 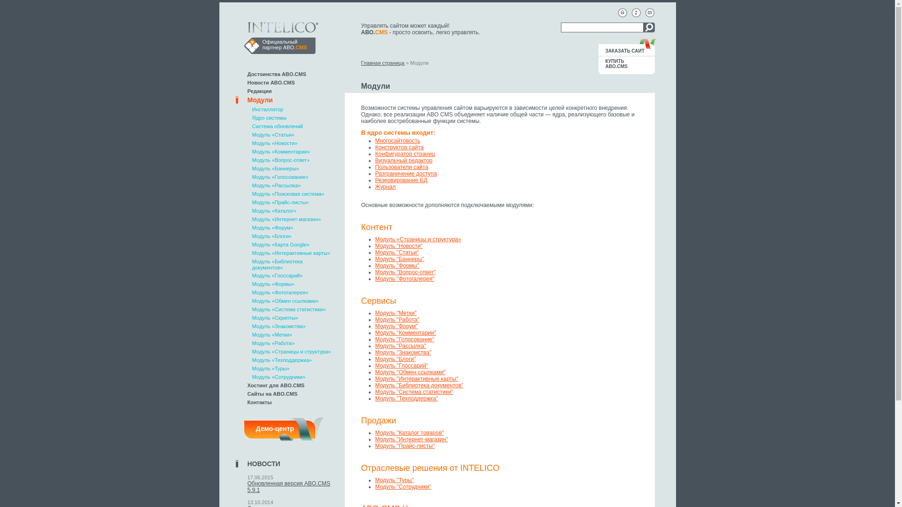 I want to click on 'ABO.CMS', so click(x=295, y=47).